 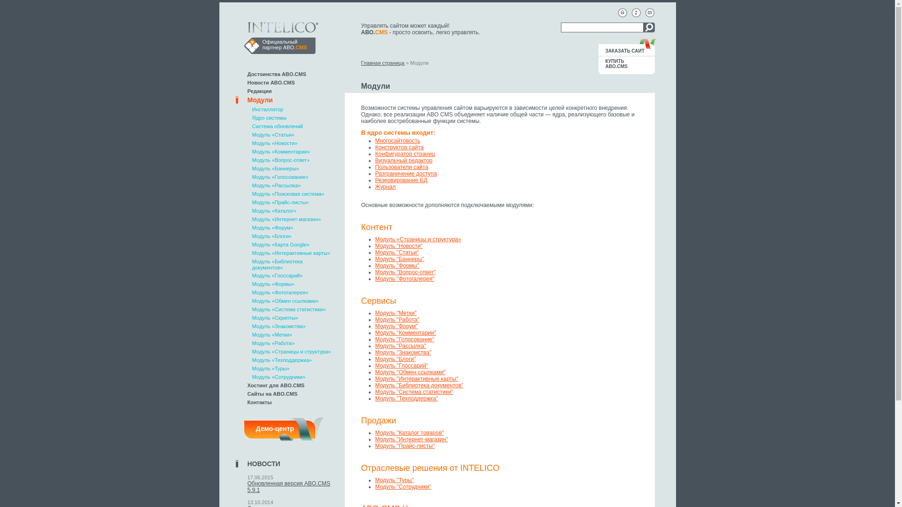 I want to click on 'ABO.CMS', so click(x=295, y=47).